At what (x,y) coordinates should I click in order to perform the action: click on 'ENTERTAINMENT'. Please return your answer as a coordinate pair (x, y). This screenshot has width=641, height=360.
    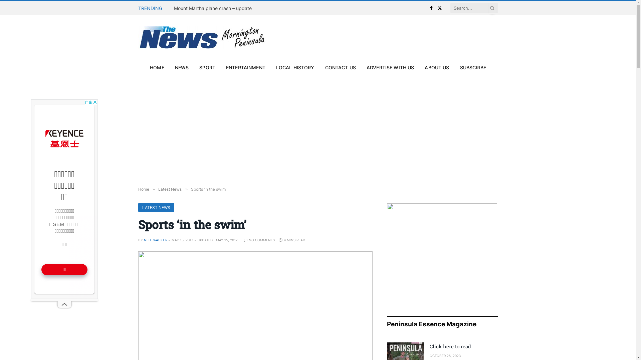
    Looking at the image, I should click on (245, 68).